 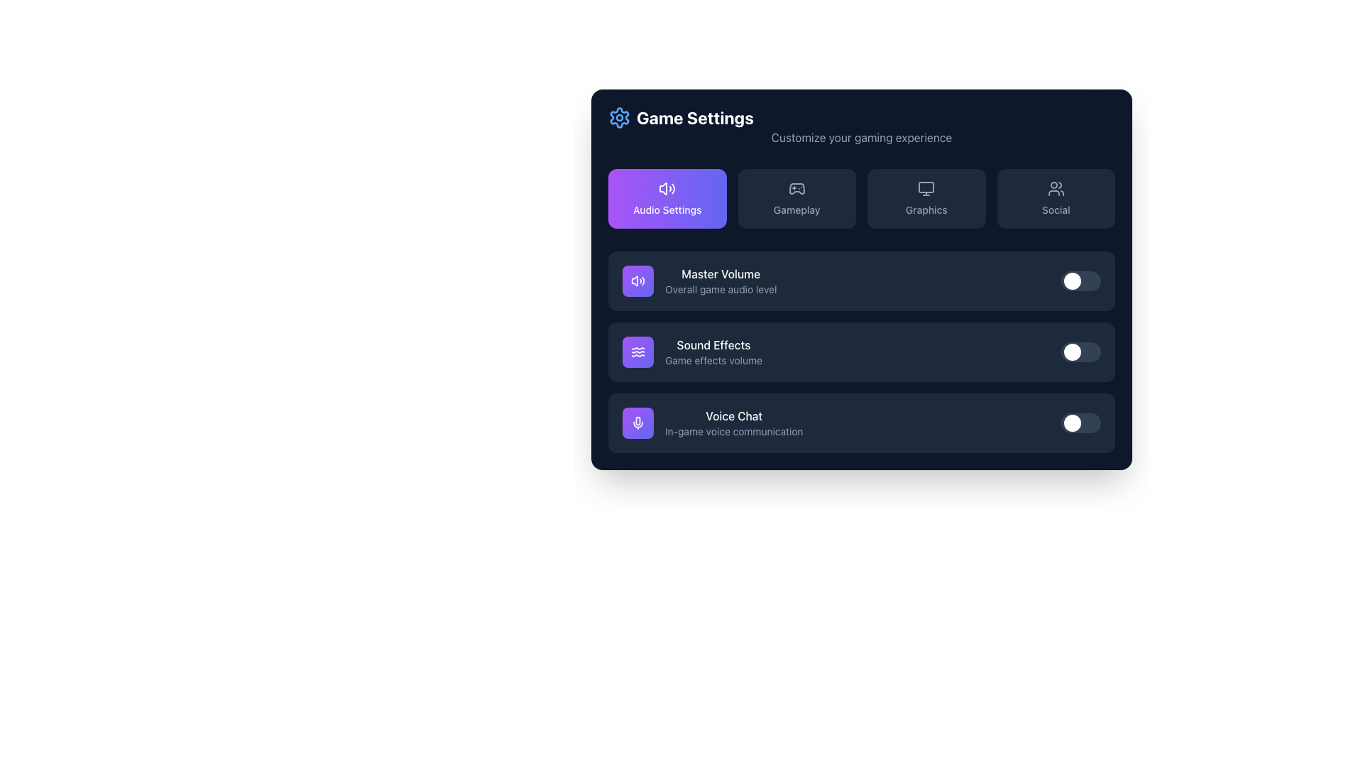 What do you see at coordinates (861, 352) in the screenshot?
I see `the toggle switch for sound effects located` at bounding box center [861, 352].